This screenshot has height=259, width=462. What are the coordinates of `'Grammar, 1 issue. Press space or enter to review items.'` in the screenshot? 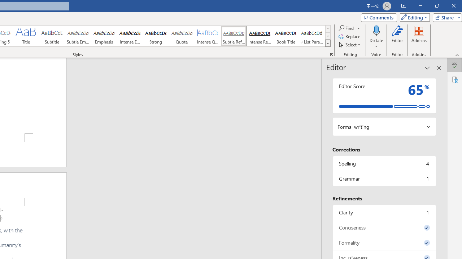 It's located at (384, 178).